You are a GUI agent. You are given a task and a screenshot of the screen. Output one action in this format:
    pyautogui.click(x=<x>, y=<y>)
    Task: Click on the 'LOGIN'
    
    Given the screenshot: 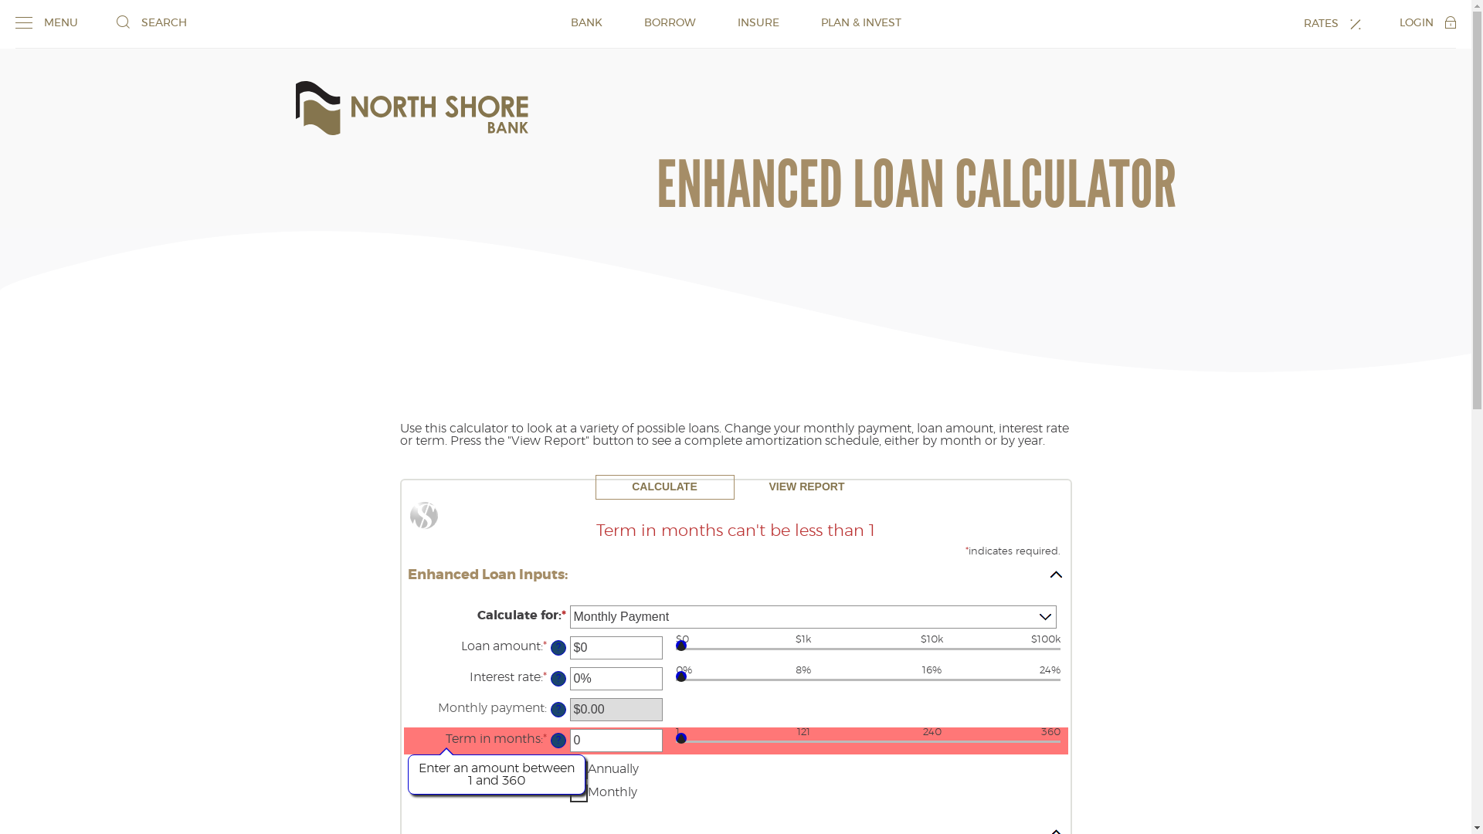 What is the action you would take?
    pyautogui.click(x=1427, y=22)
    